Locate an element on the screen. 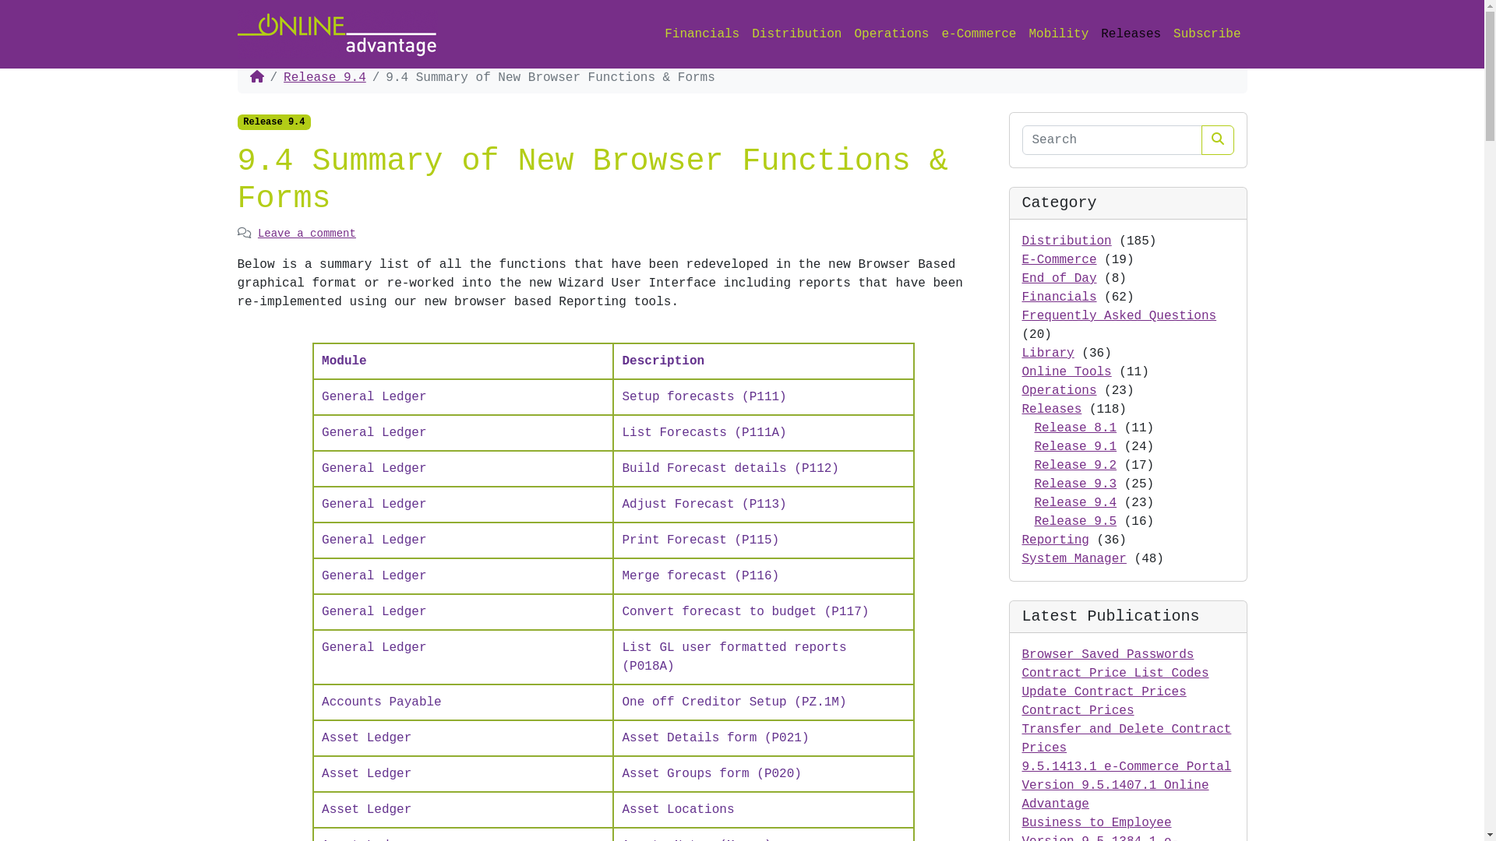 The image size is (1496, 841). 'Reporting' is located at coordinates (1021, 540).